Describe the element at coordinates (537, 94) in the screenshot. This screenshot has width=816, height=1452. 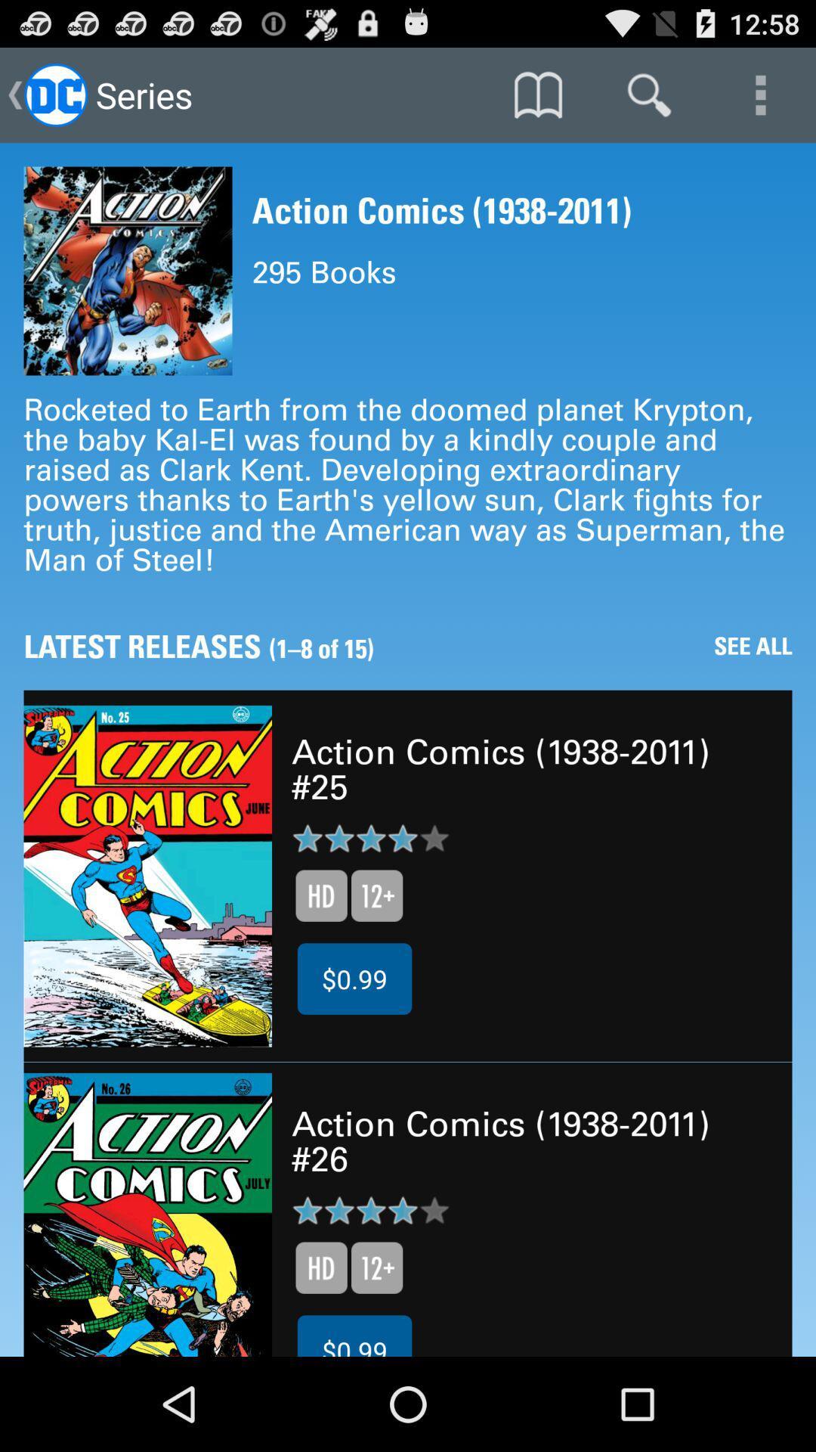
I see `the button on left to the search button on the web page` at that location.